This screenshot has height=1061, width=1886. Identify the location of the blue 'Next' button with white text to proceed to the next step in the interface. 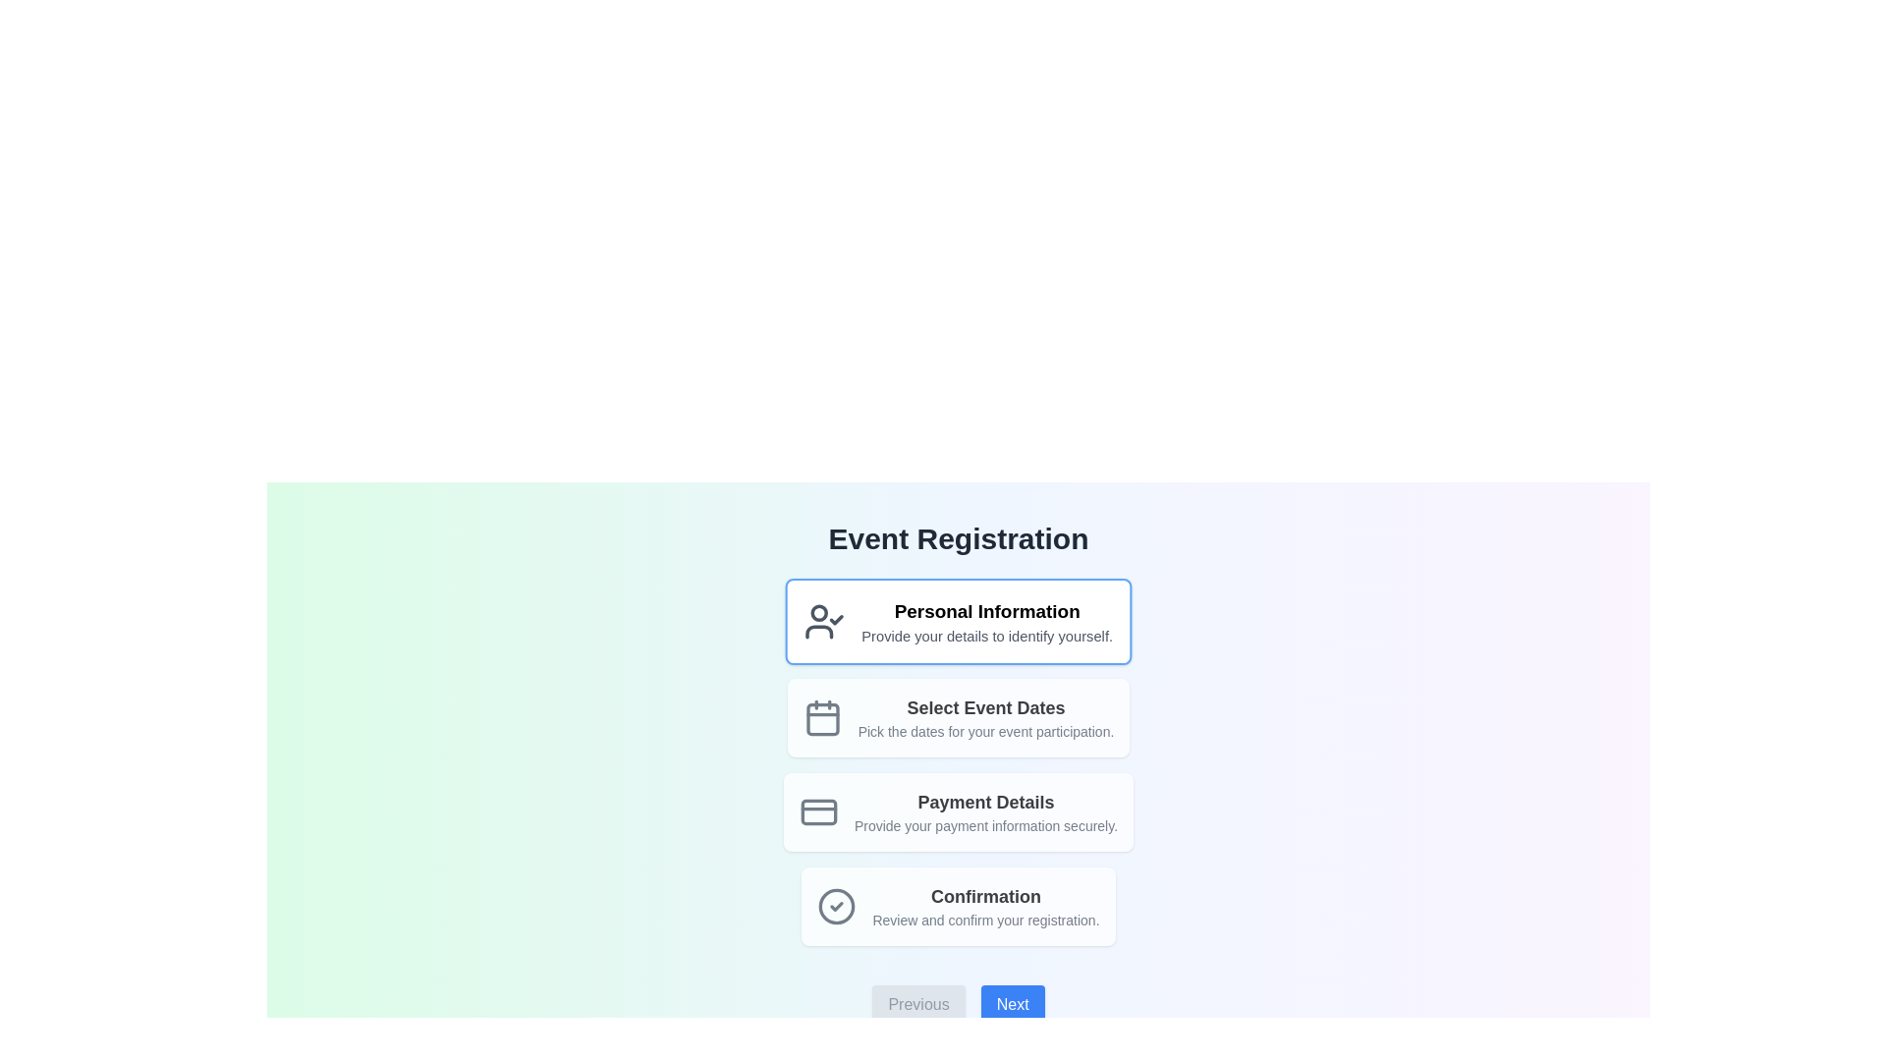
(1013, 1004).